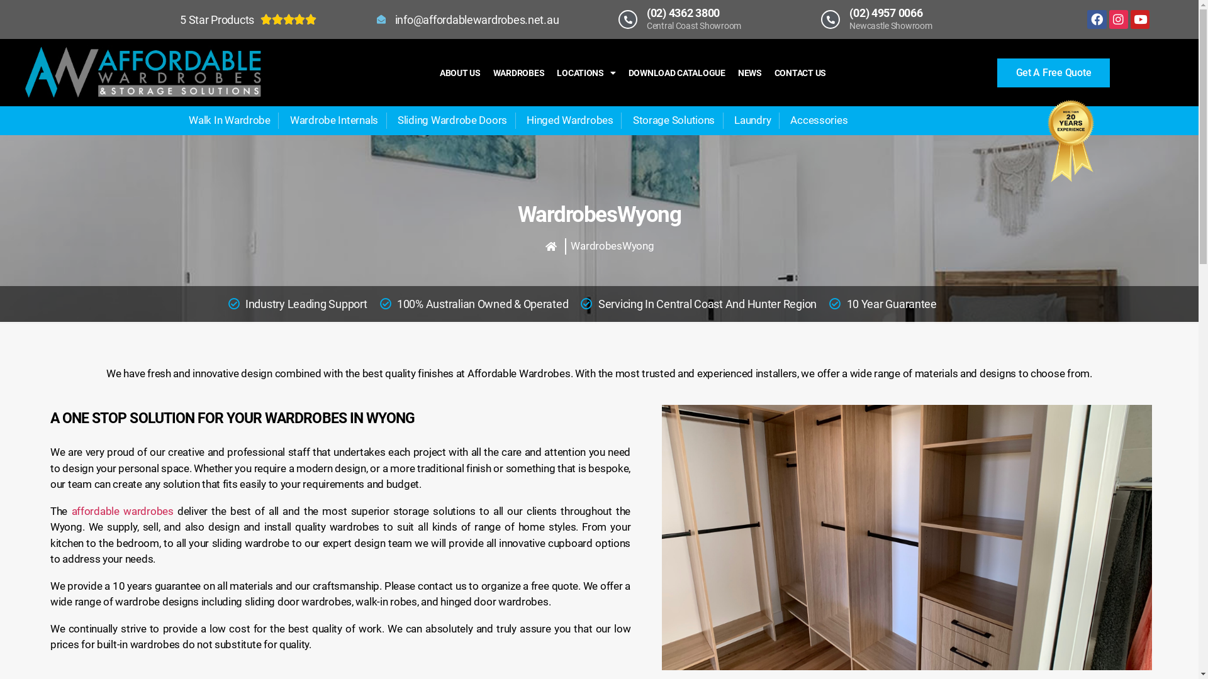  Describe the element at coordinates (523, 121) in the screenshot. I see `'Hinged Wardrobes'` at that location.